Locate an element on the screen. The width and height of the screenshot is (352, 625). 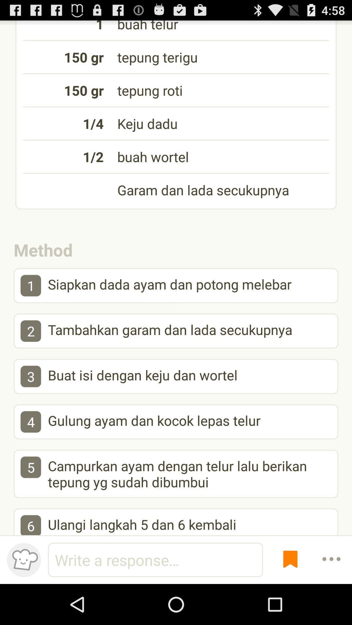
the bookmark icon is located at coordinates (290, 599).